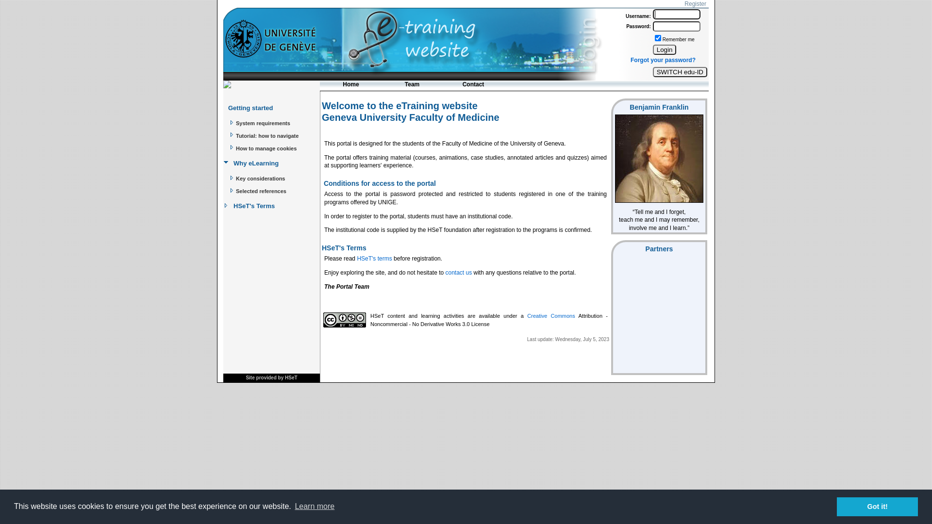 The image size is (932, 524). I want to click on 'Creative Commons', so click(550, 316).